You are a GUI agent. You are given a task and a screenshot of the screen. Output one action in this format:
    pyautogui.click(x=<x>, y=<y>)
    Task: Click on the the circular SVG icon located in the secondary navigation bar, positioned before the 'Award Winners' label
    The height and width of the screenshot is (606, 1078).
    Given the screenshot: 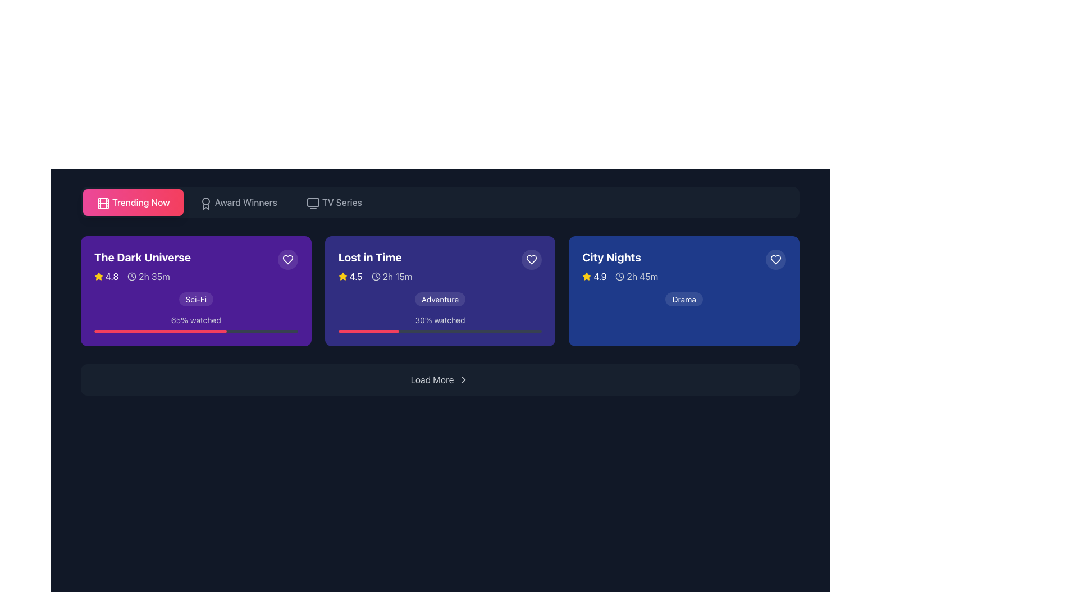 What is the action you would take?
    pyautogui.click(x=205, y=200)
    